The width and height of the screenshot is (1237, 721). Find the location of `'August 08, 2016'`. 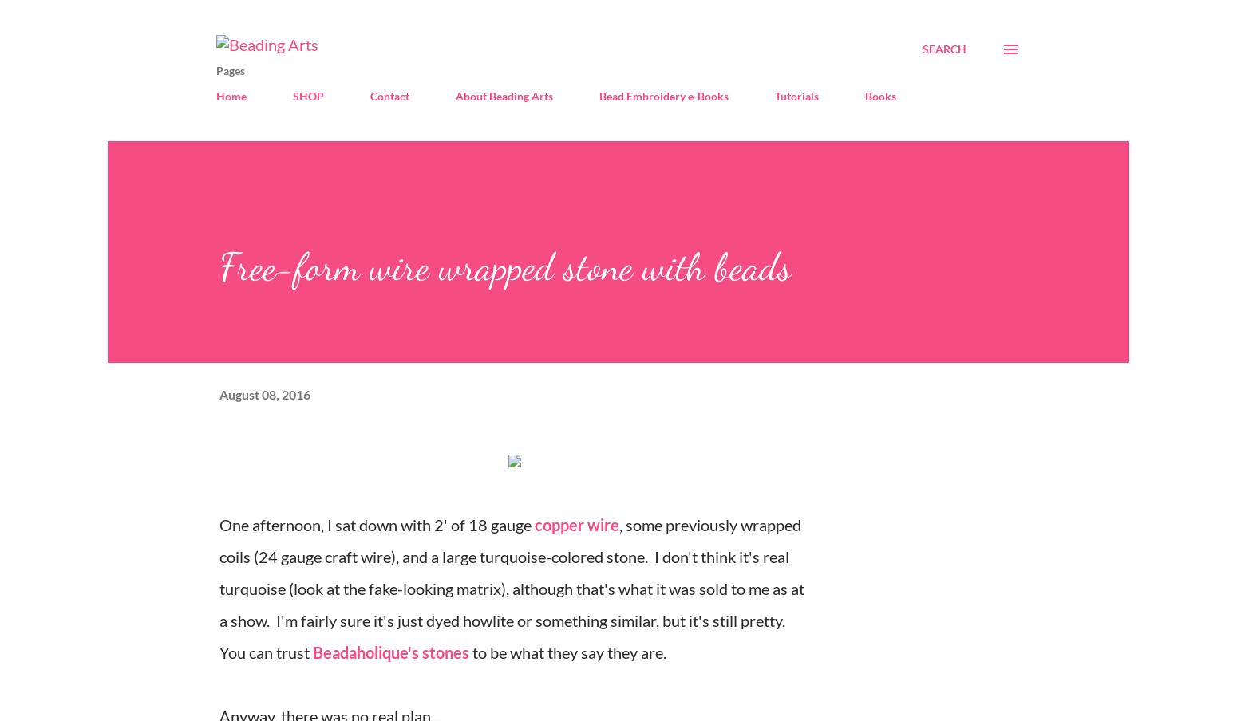

'August 08, 2016' is located at coordinates (264, 392).